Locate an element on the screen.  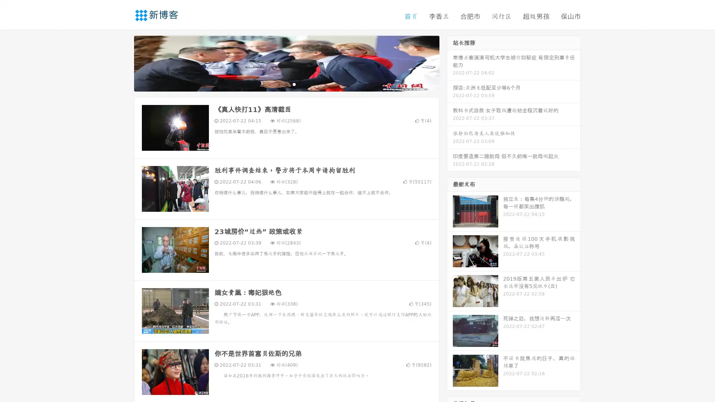
Go to slide 2 is located at coordinates (286, 84).